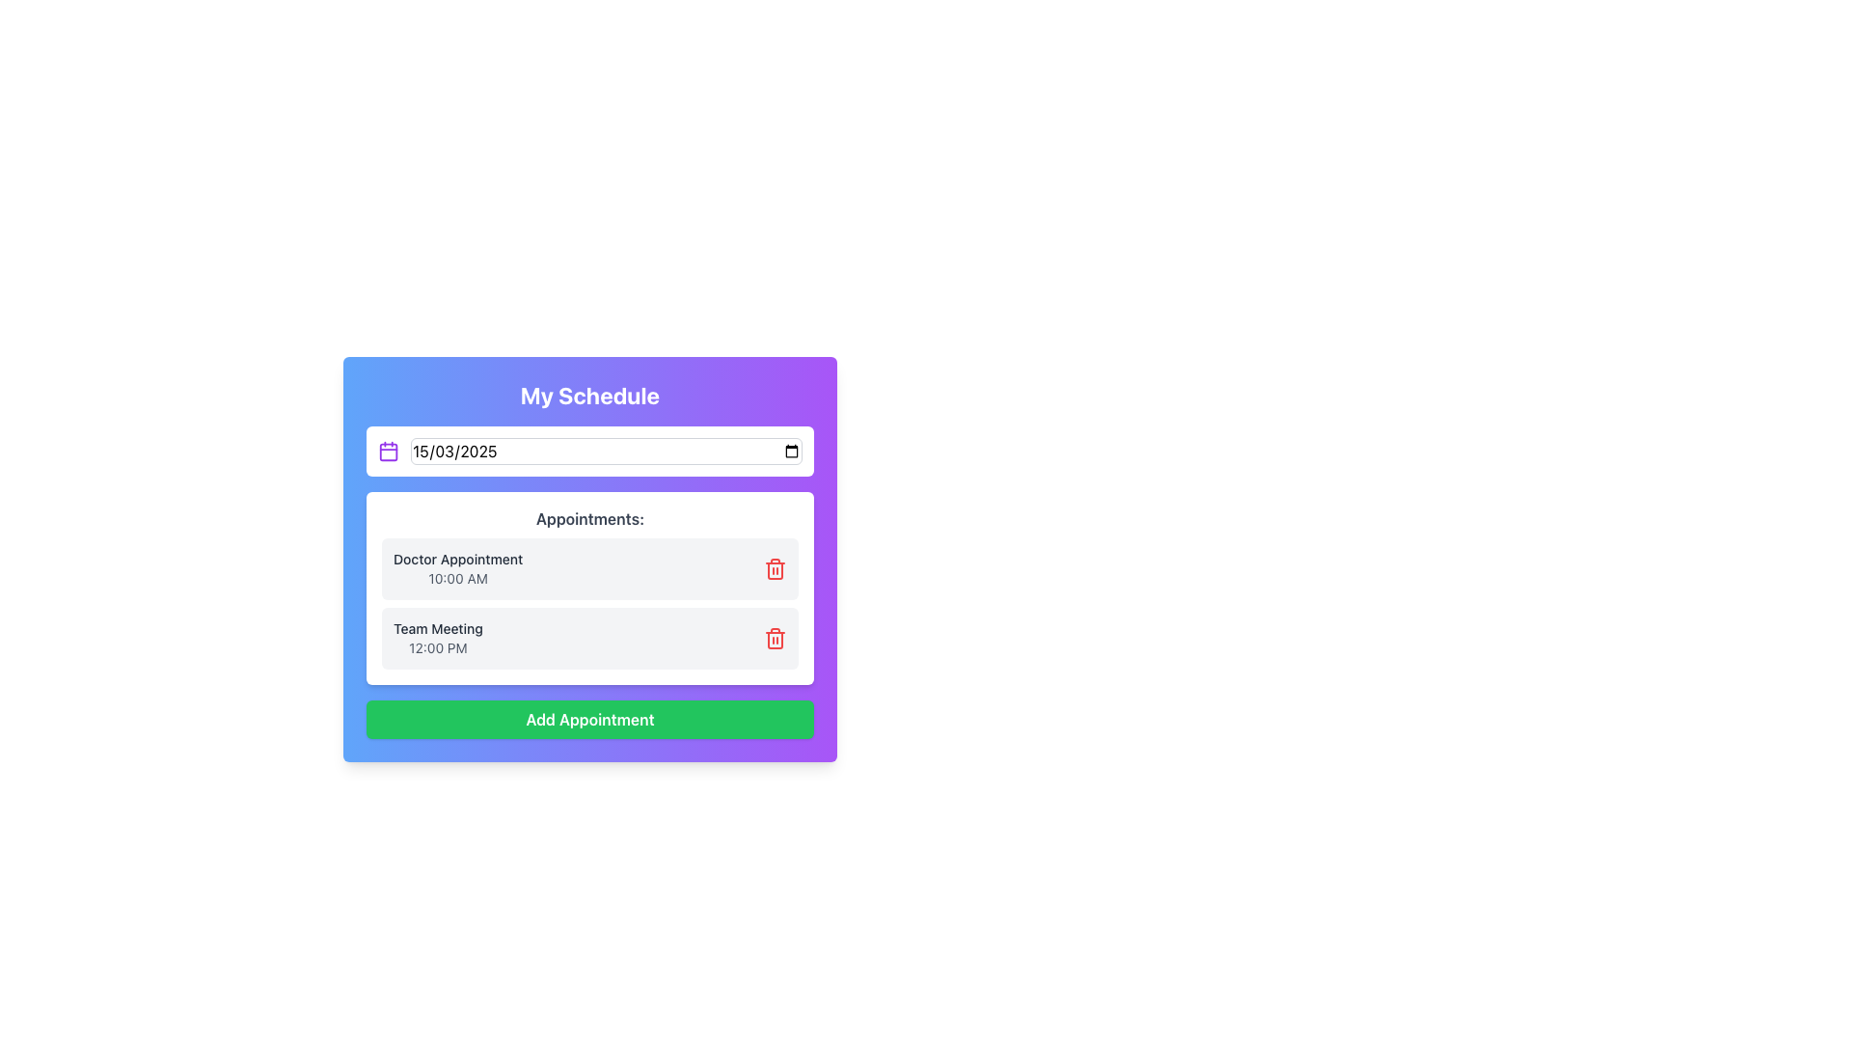  I want to click on the Label element displaying '12:00 PM', which is located below the title 'Team Meeting' in the appointment card, so click(437, 647).